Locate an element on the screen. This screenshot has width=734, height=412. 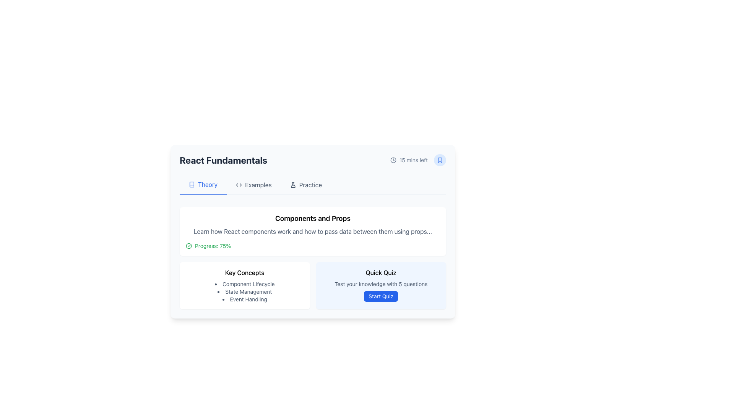
the 'Practice' hyperlink in the navigation bar is located at coordinates (310, 185).